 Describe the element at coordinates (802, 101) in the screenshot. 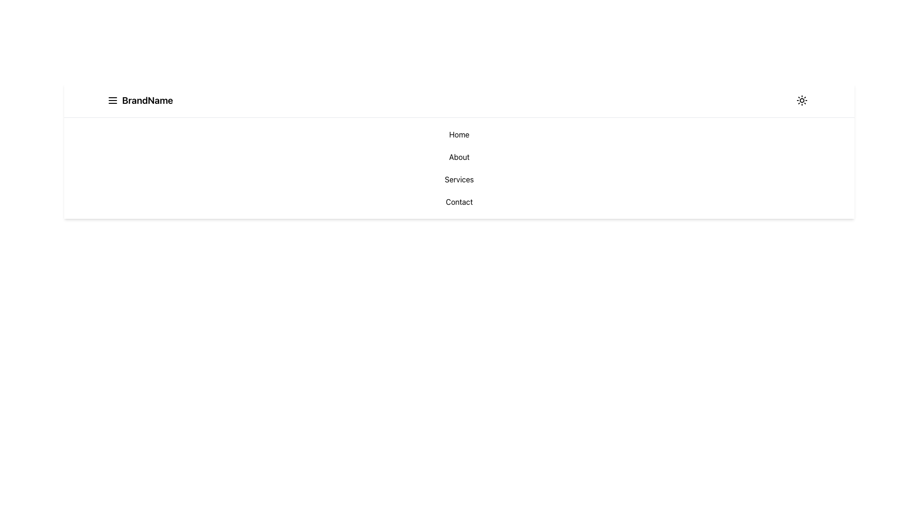

I see `the theme toggle button, which is the rightmost icon in the header bar, to switch between light and dark themes` at that location.